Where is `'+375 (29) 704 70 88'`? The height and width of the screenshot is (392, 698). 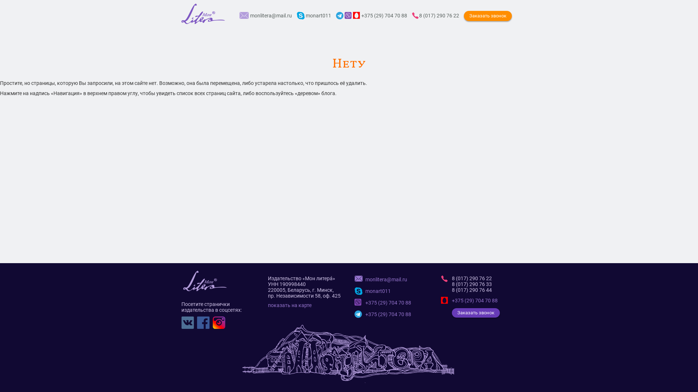 '+375 (29) 704 70 88' is located at coordinates (382, 302).